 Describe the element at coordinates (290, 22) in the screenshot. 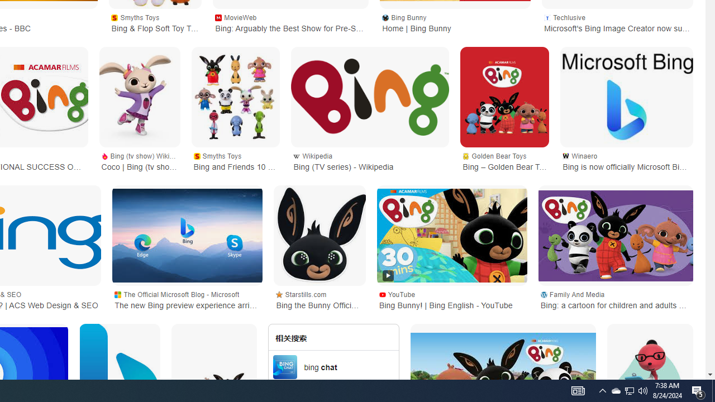

I see `'MovieWeb Bing: Arguably the Best Show for Pre-Schoolers'` at that location.